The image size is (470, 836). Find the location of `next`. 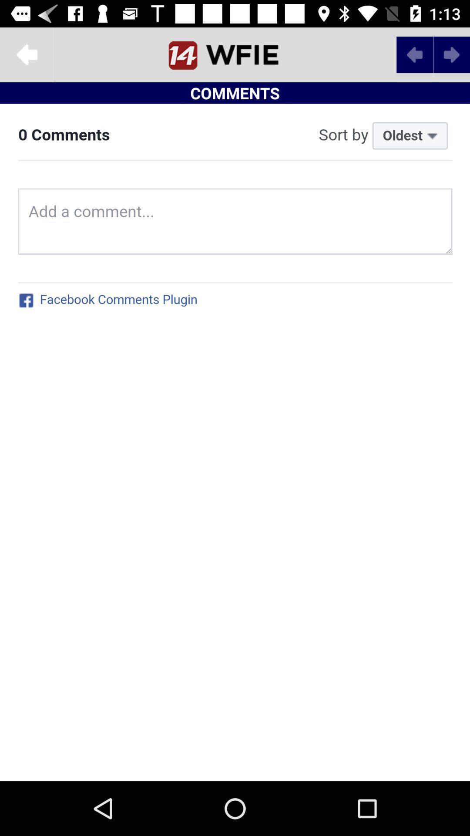

next is located at coordinates (235, 54).